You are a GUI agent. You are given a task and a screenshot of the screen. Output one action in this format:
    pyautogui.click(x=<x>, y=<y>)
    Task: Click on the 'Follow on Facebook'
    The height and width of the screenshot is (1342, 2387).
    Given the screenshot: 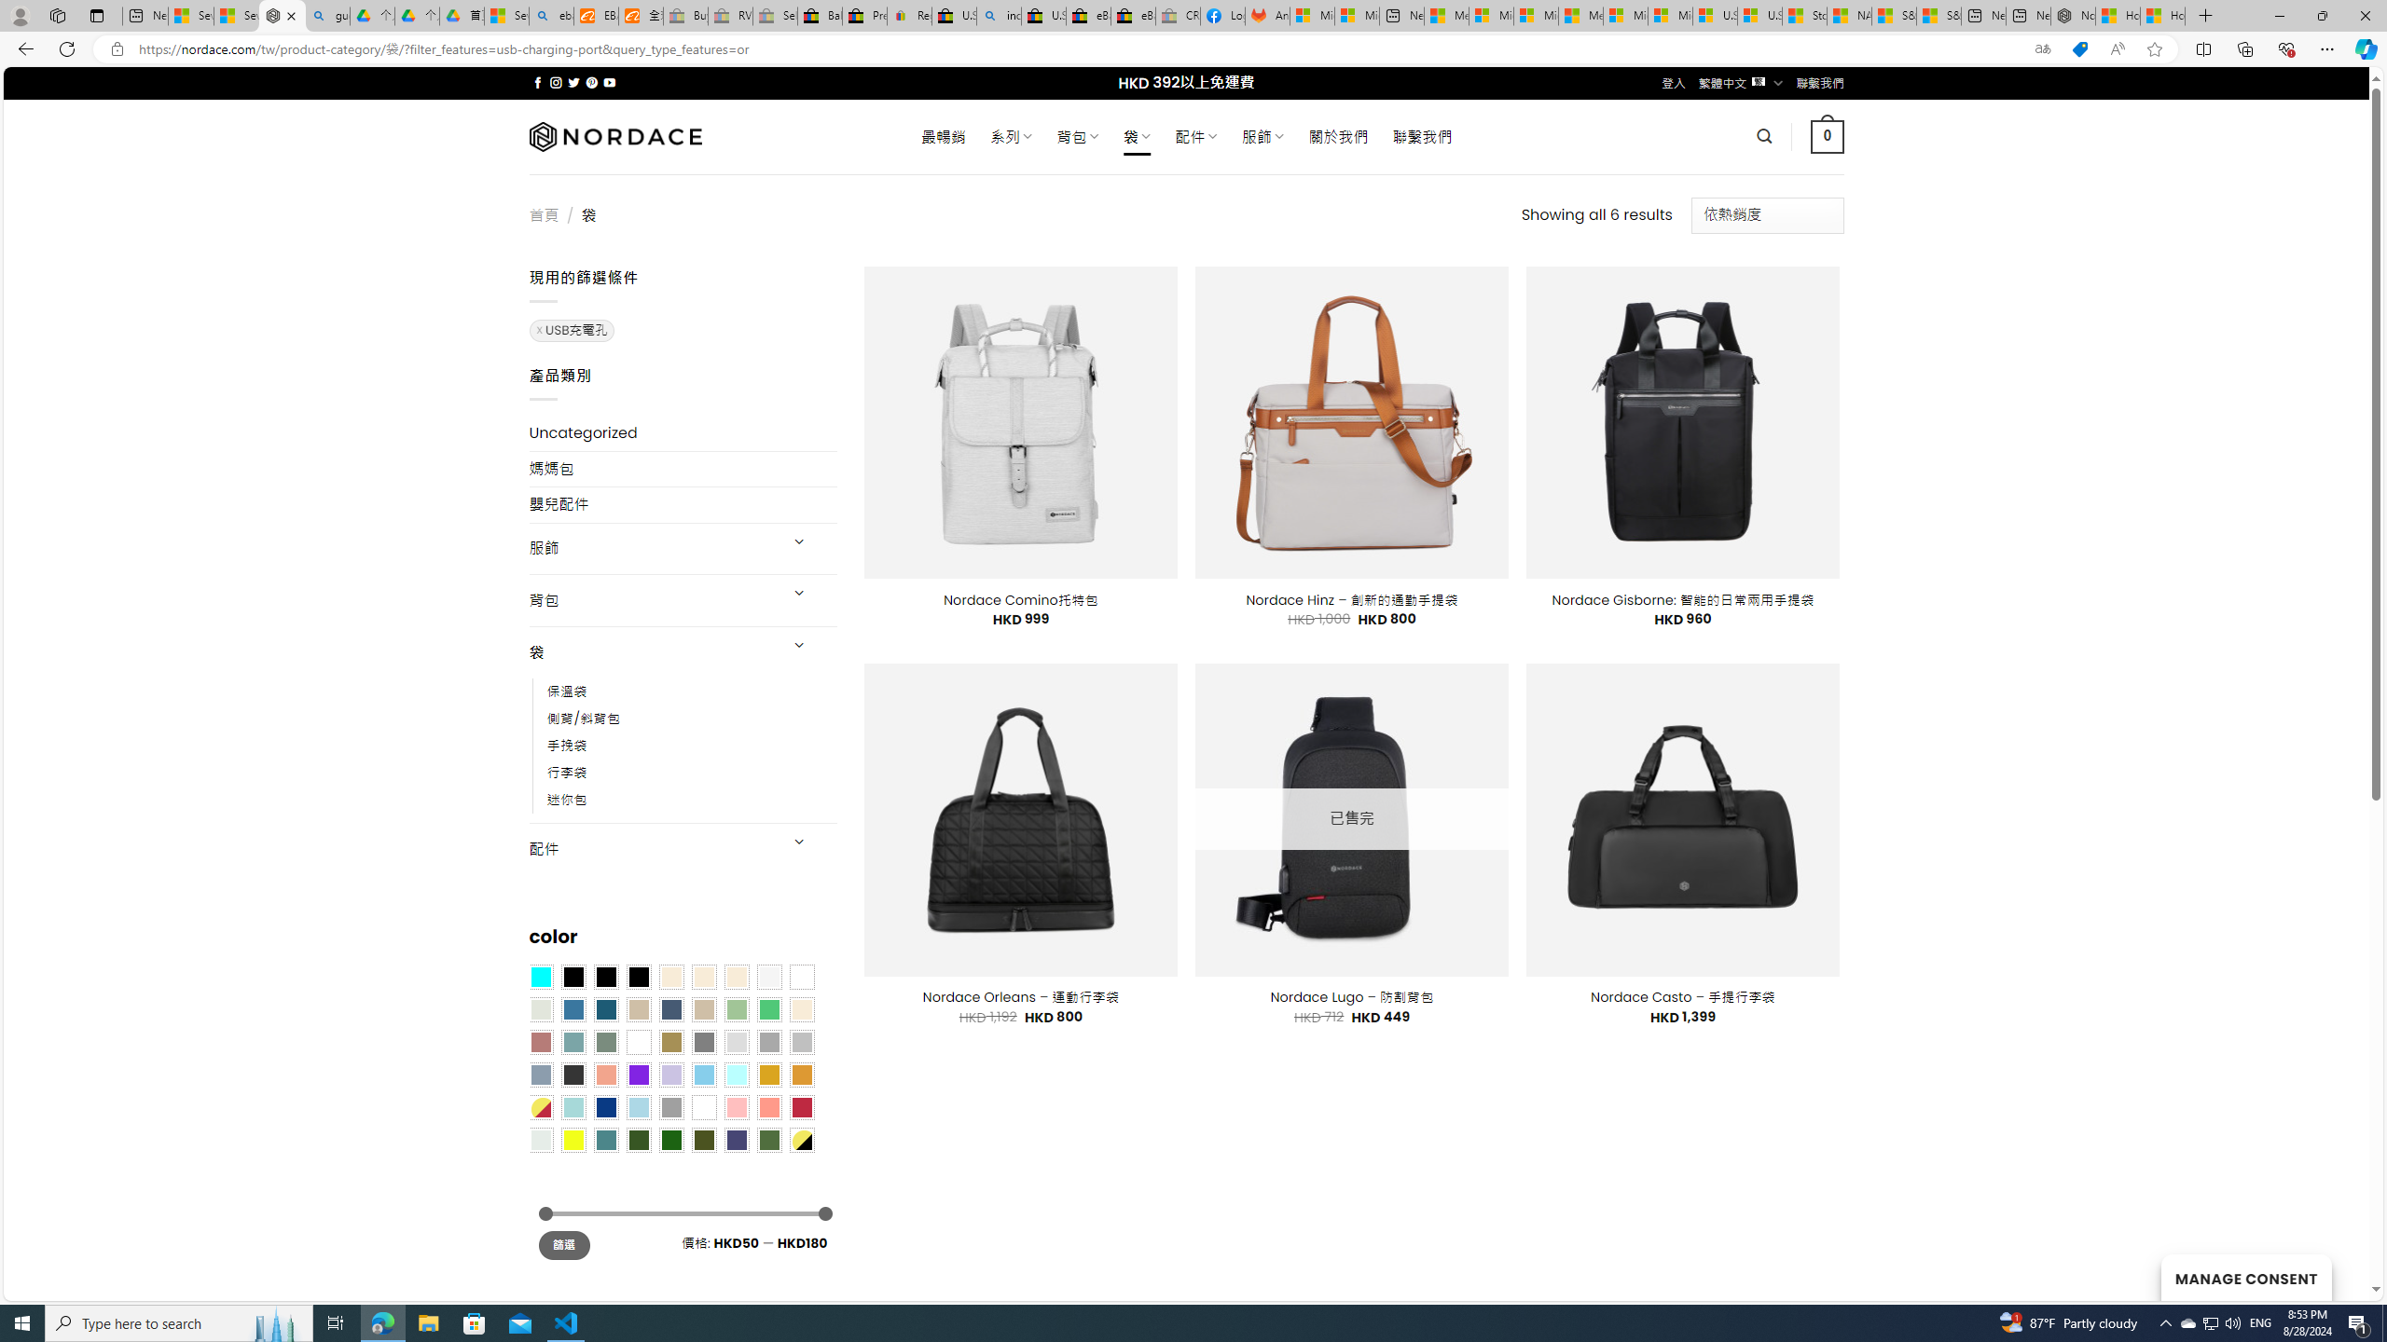 What is the action you would take?
    pyautogui.click(x=537, y=82)
    